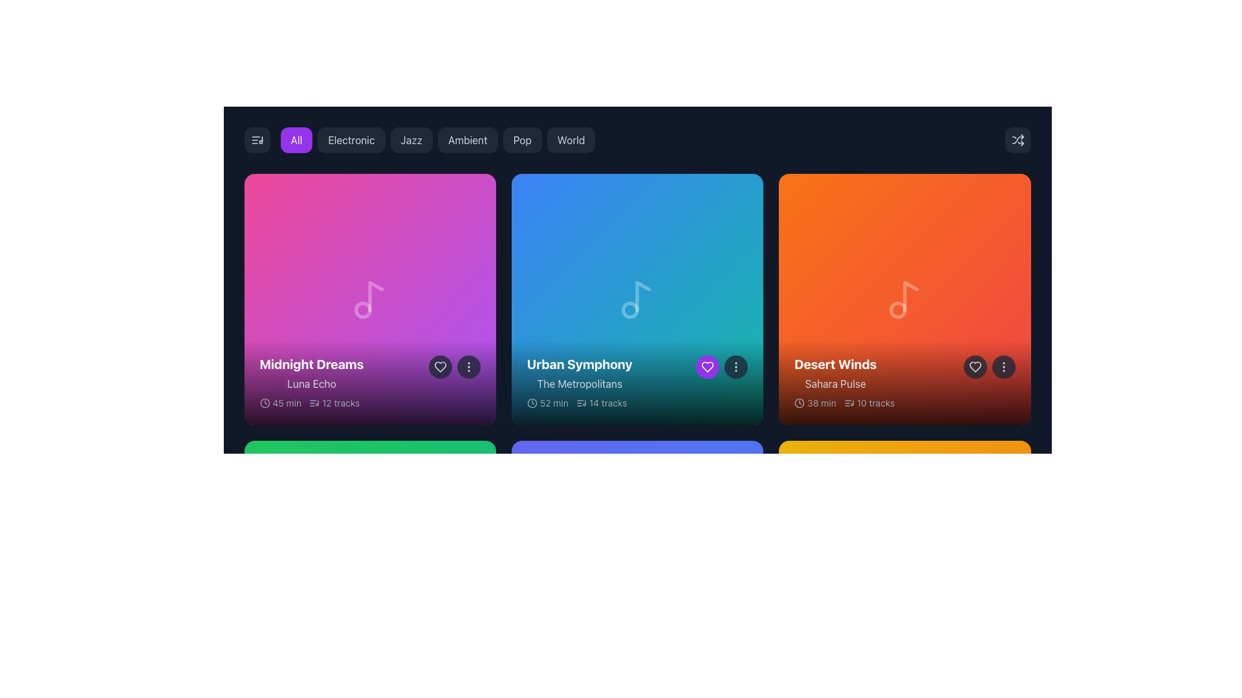  What do you see at coordinates (522, 140) in the screenshot?
I see `the 'Pop' category button, which is the fifth button in a horizontal list of six buttons at the top of the interface, positioned between 'Ambient' and 'World'` at bounding box center [522, 140].